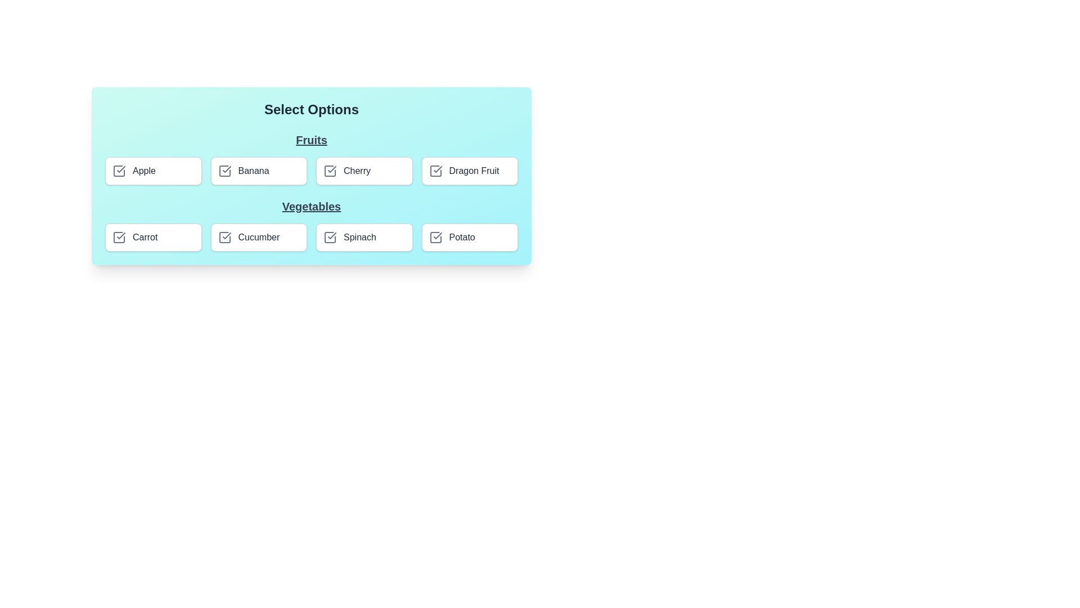  I want to click on the checkbox for the 'Carrot' option, so click(119, 236).